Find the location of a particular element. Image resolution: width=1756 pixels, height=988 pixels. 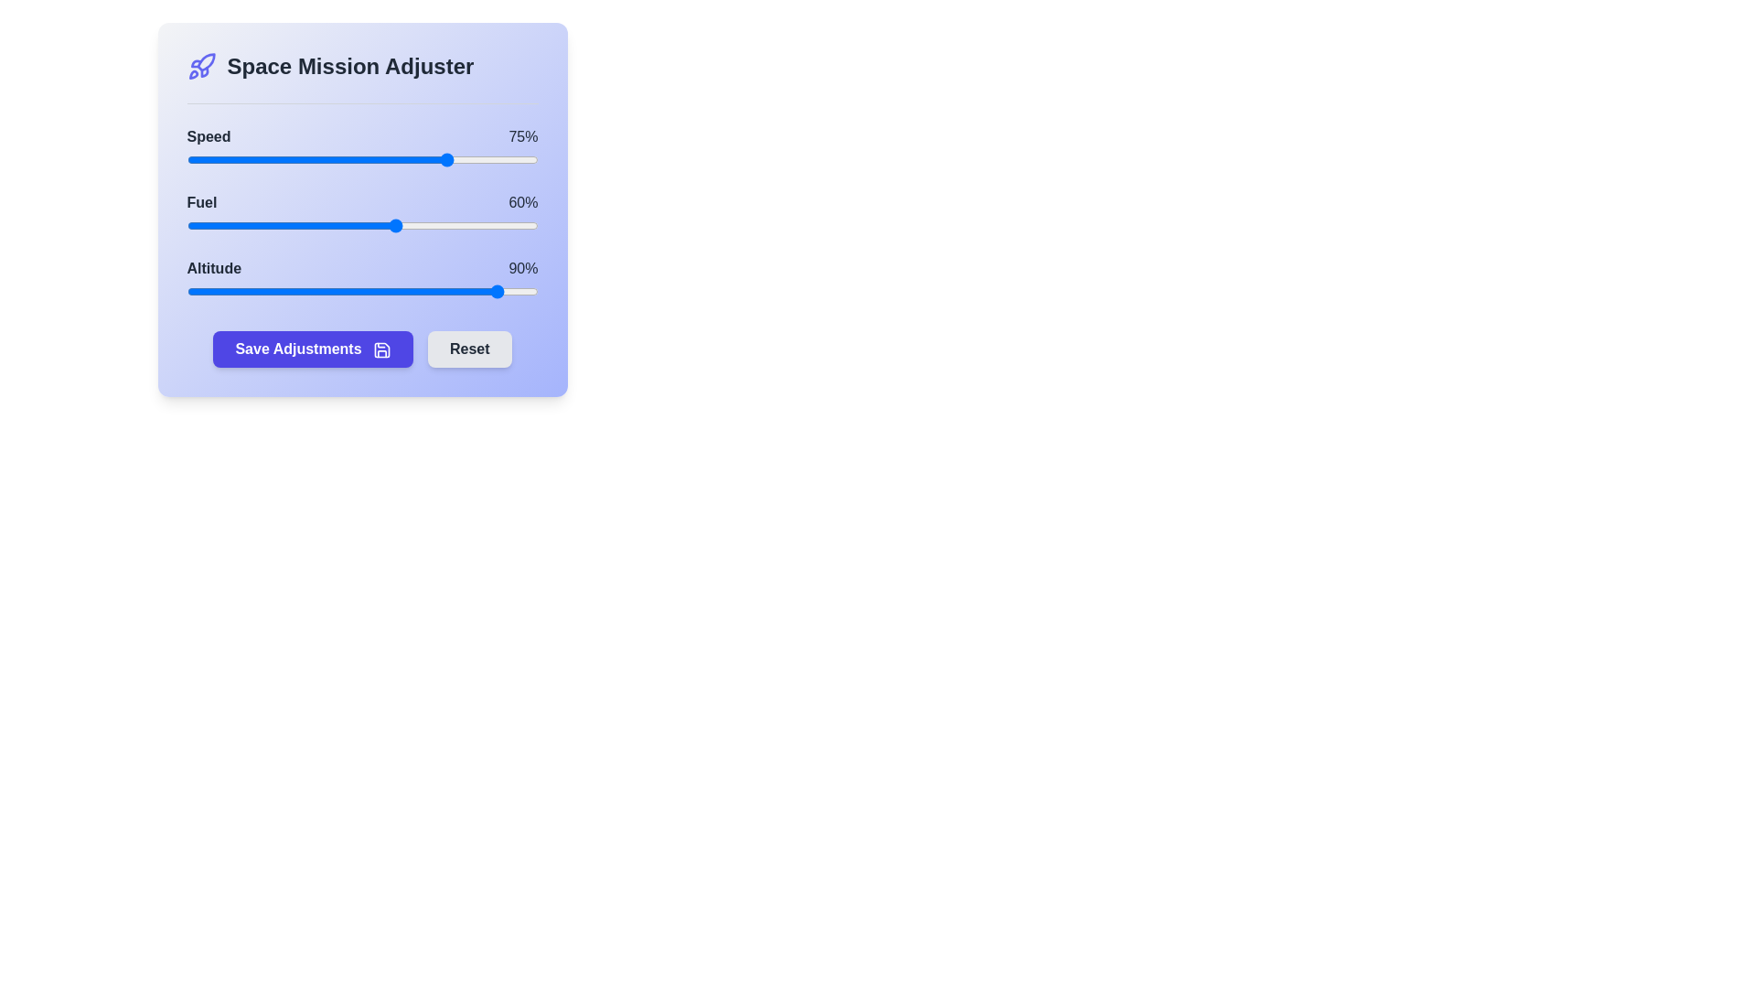

the Rocket icon to interact with it is located at coordinates (201, 66).